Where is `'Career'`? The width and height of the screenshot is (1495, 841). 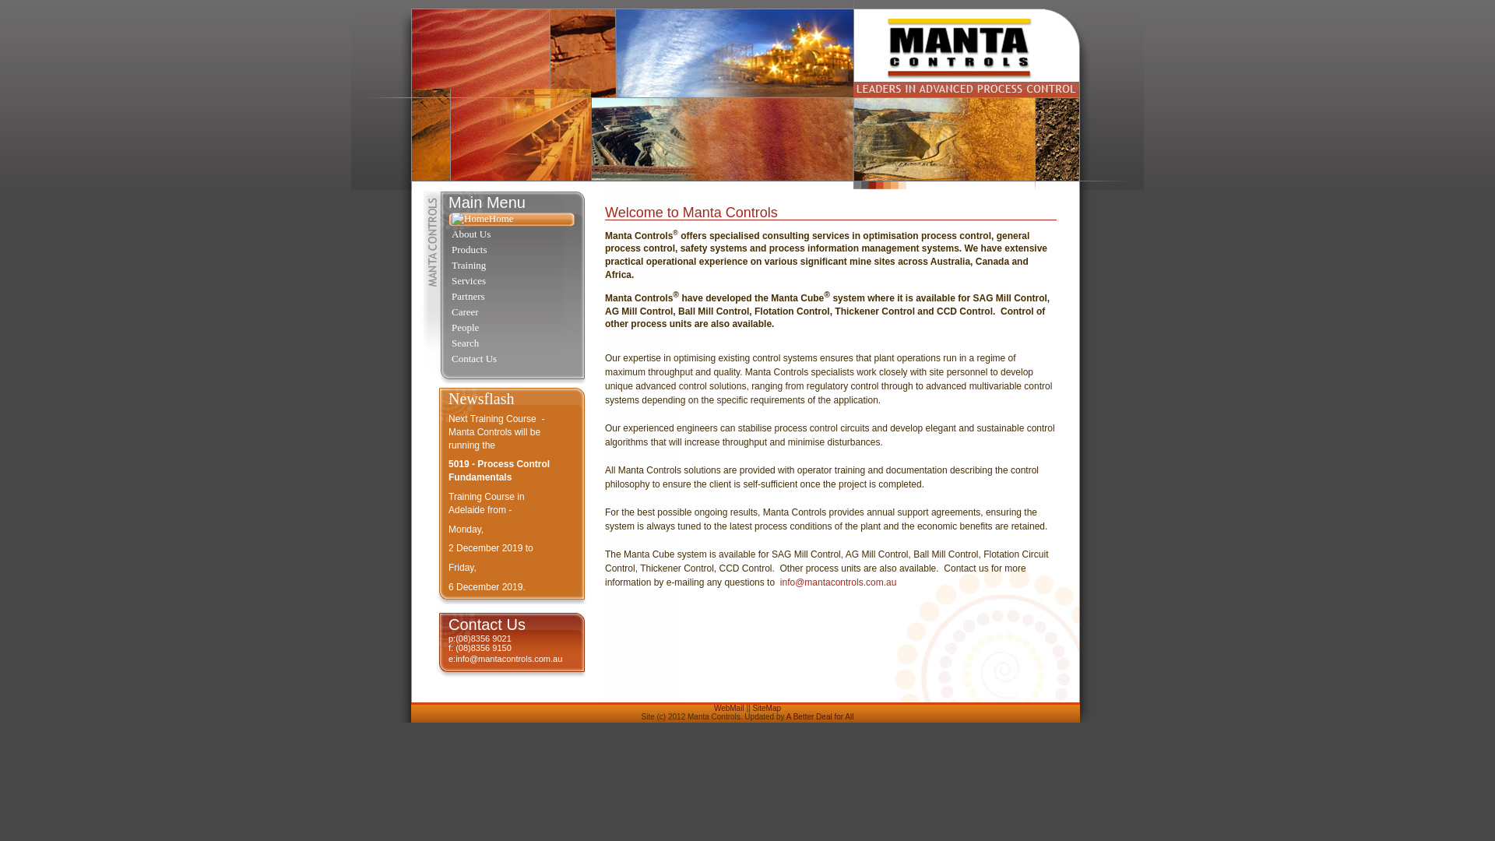
'Career' is located at coordinates (512, 312).